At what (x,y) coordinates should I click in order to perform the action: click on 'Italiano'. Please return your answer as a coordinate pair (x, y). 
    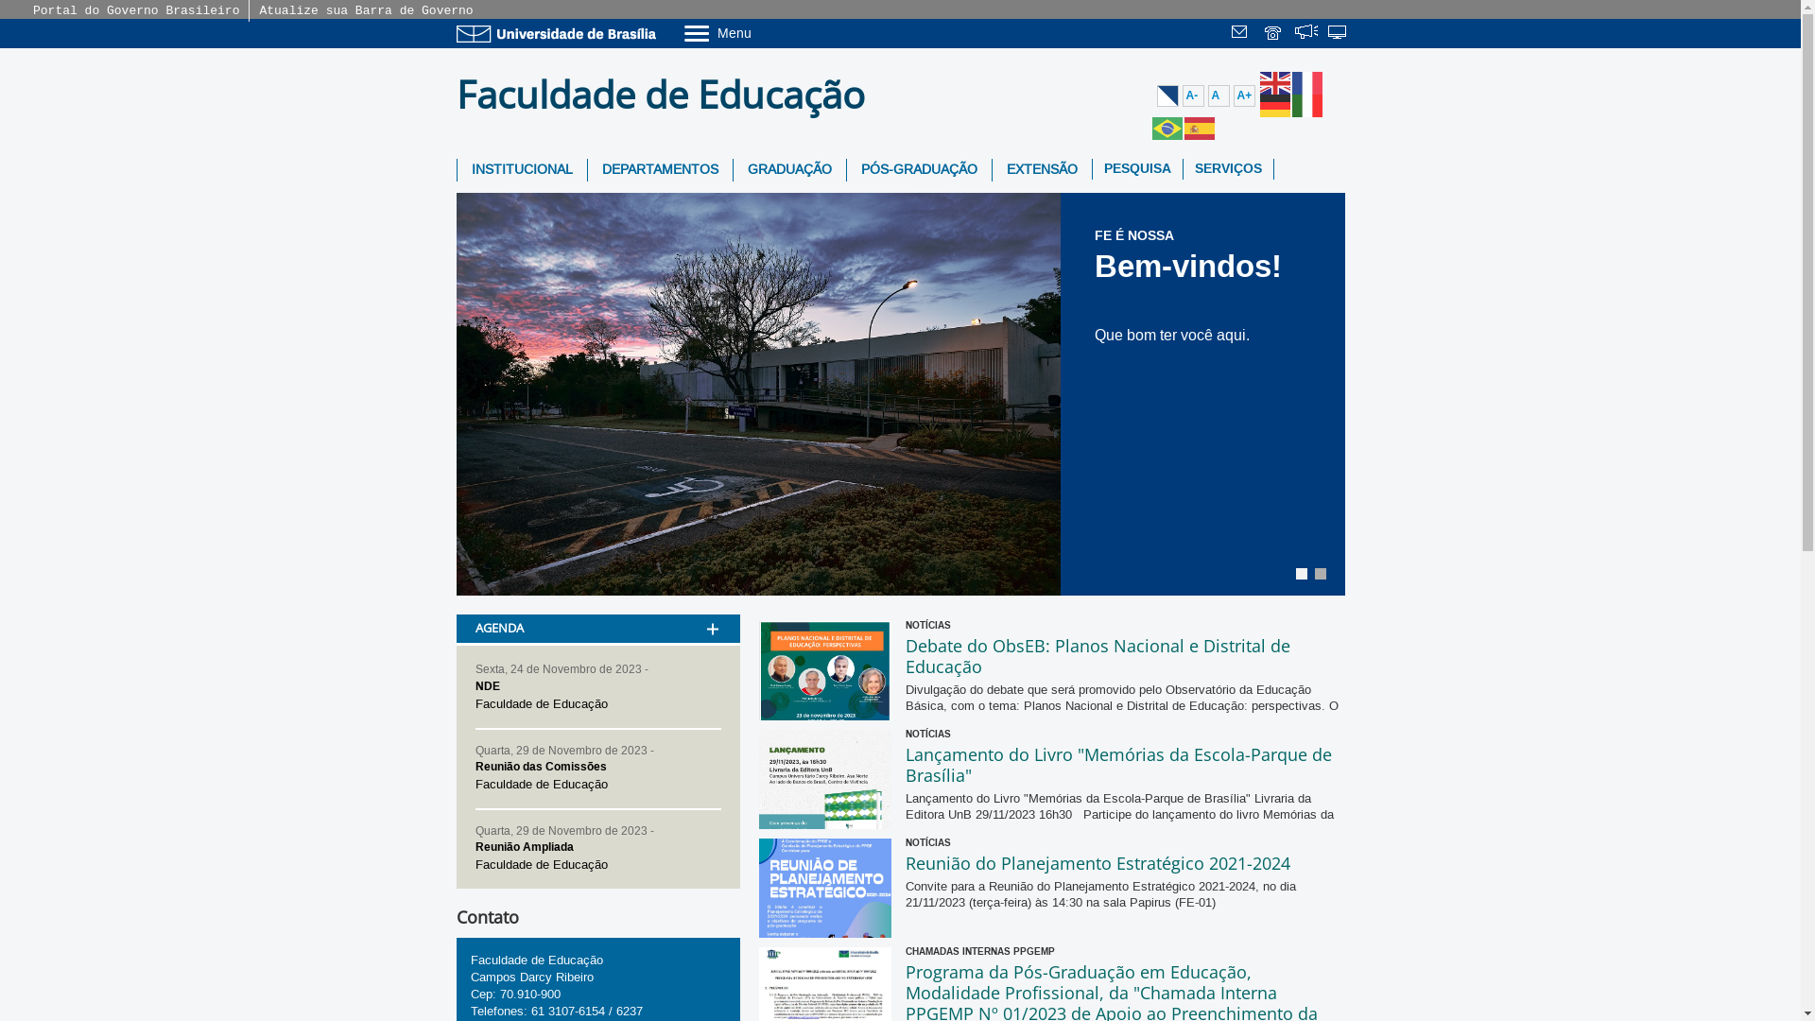
    Looking at the image, I should click on (1290, 105).